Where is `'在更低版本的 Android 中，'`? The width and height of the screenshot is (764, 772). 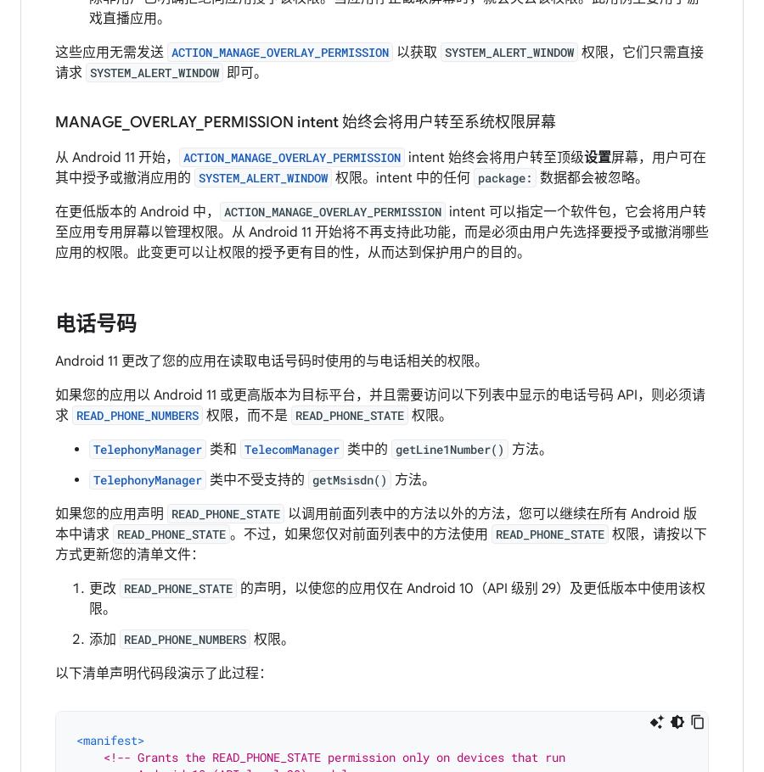
'在更低版本的 Android 中，' is located at coordinates (138, 211).